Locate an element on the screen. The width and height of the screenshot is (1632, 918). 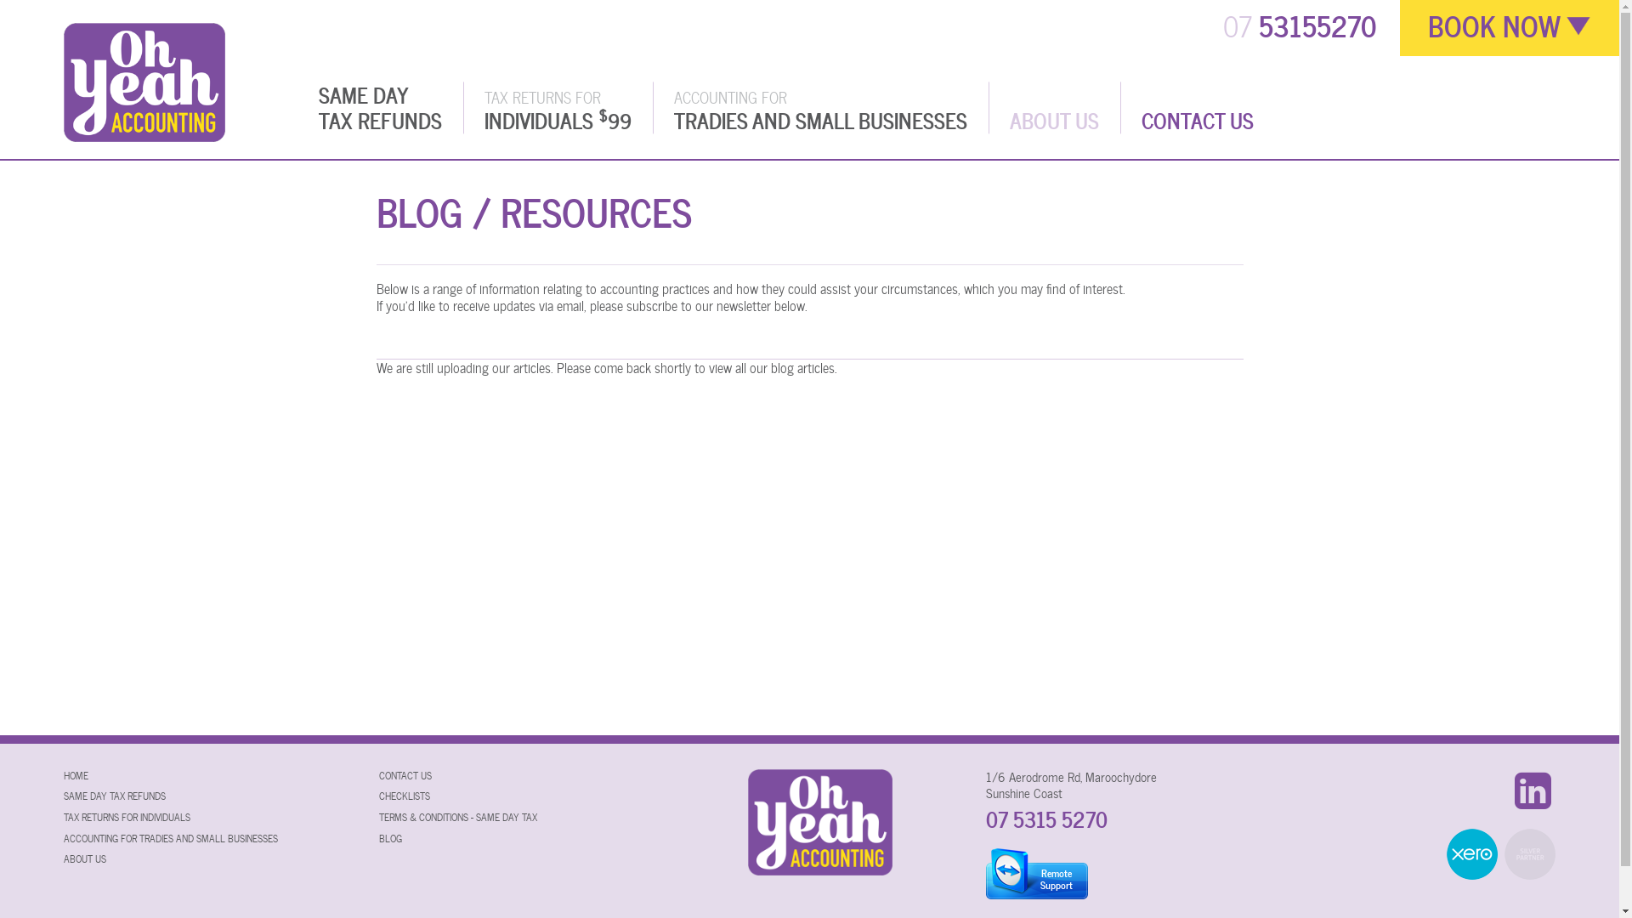
'07 5315 5270' is located at coordinates (986, 818).